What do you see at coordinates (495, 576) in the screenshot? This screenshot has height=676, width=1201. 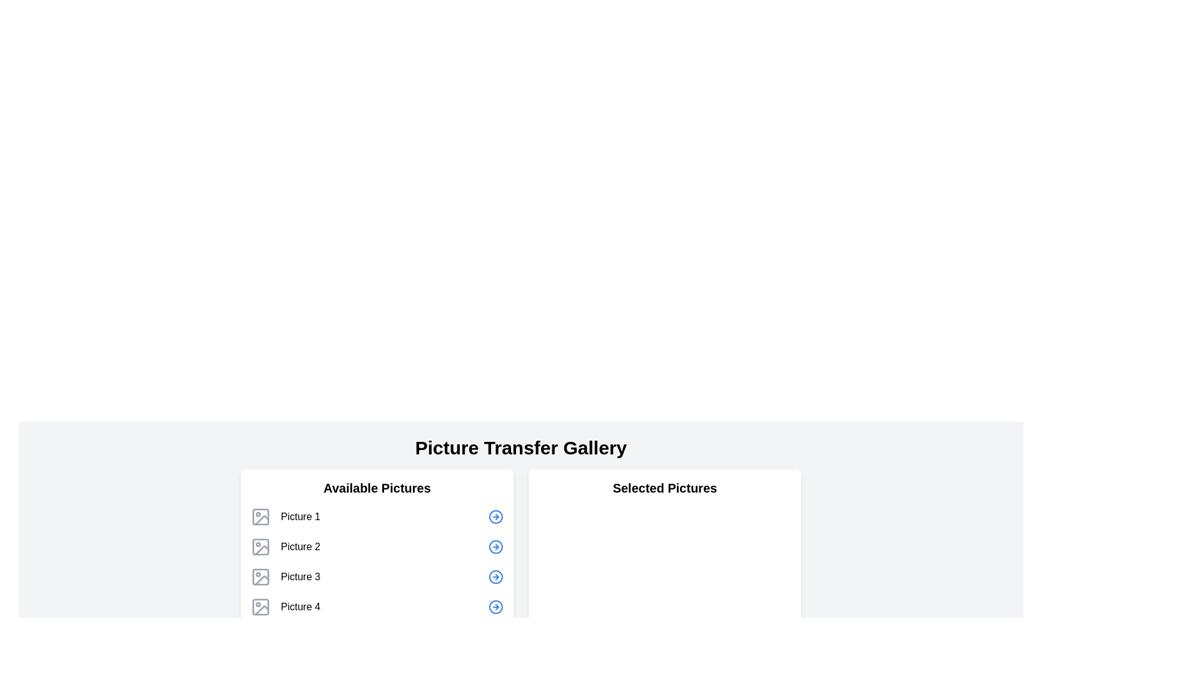 I see `the circular button with a blue border and an arrow pointing to the right, located adjacent to the 'Picture 3' label` at bounding box center [495, 576].